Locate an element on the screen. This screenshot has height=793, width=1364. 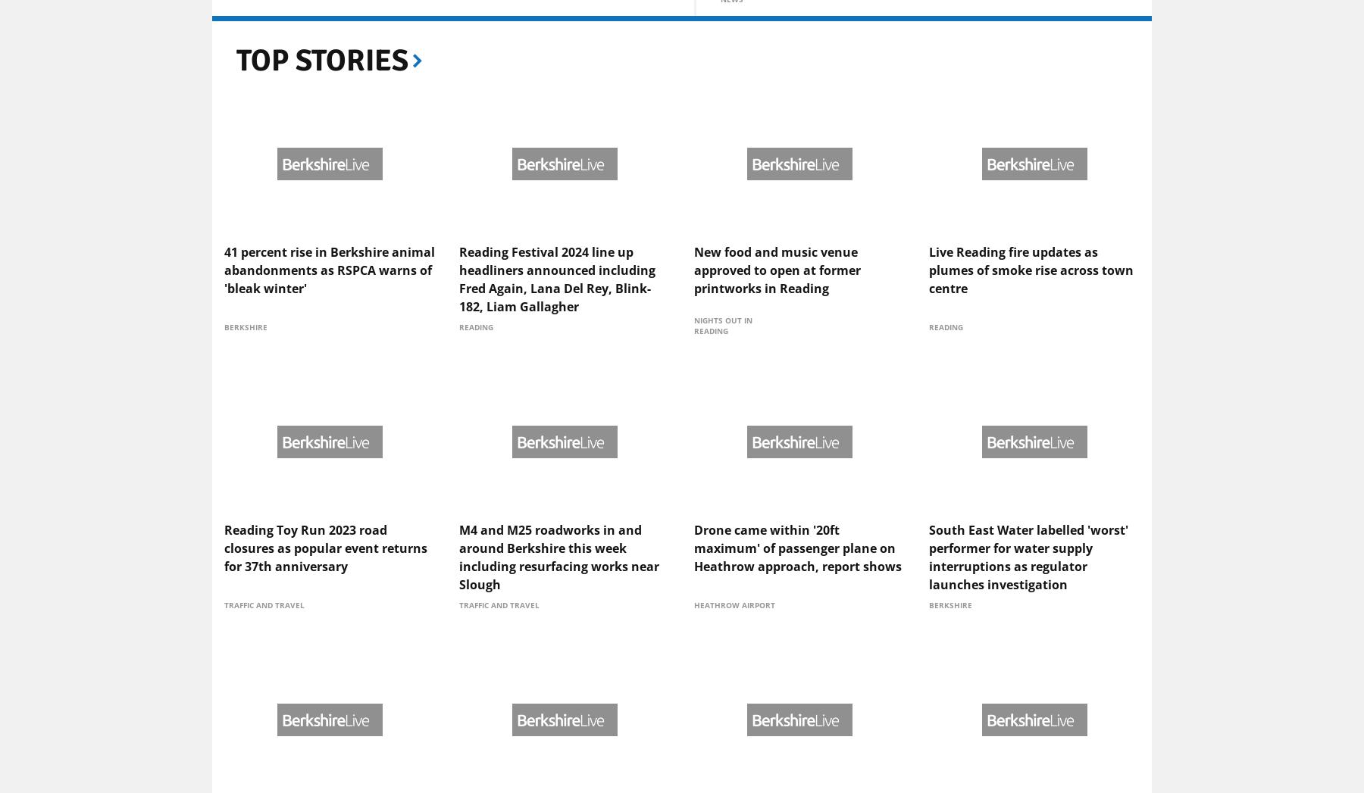
'New food and music venue approved to open at former printworks in Reading' is located at coordinates (777, 389).